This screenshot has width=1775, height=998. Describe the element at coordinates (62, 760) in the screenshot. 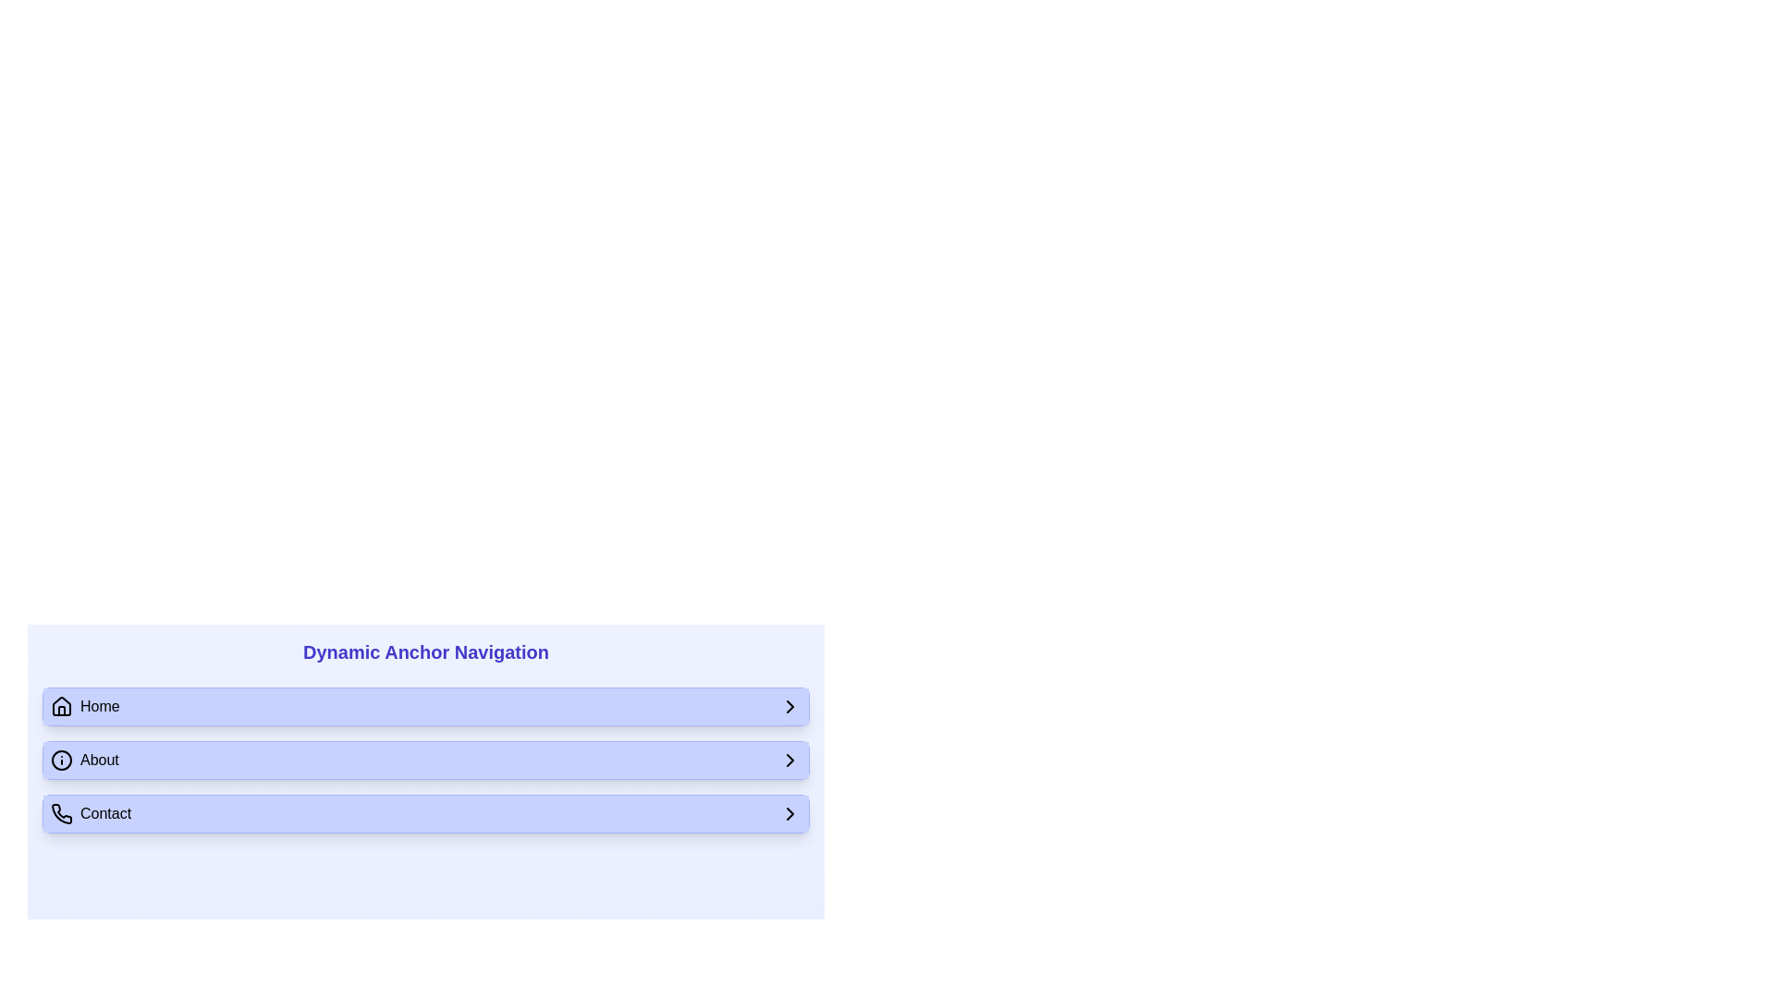

I see `the circular icon representing the 'info' symbol located in the second row of the vertical navigation menu labeled 'About'` at that location.